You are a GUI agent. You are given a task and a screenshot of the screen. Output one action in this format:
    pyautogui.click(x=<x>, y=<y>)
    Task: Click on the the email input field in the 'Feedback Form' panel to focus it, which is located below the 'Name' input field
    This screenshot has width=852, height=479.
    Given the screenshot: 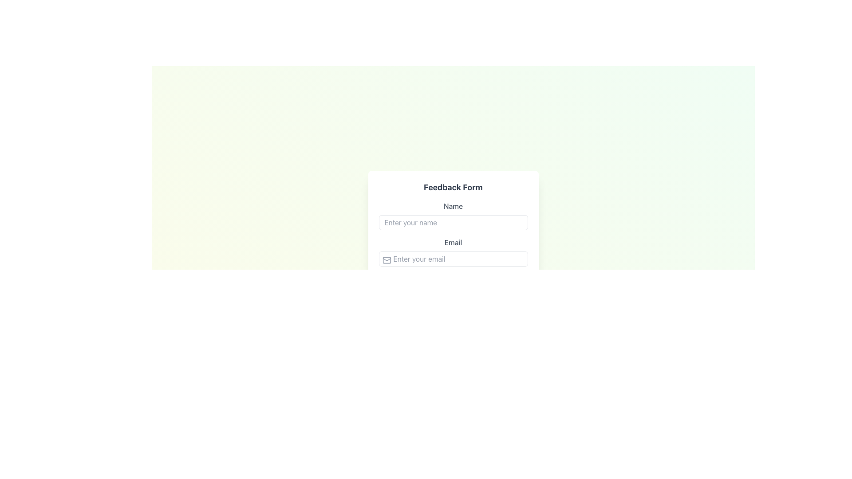 What is the action you would take?
    pyautogui.click(x=453, y=251)
    